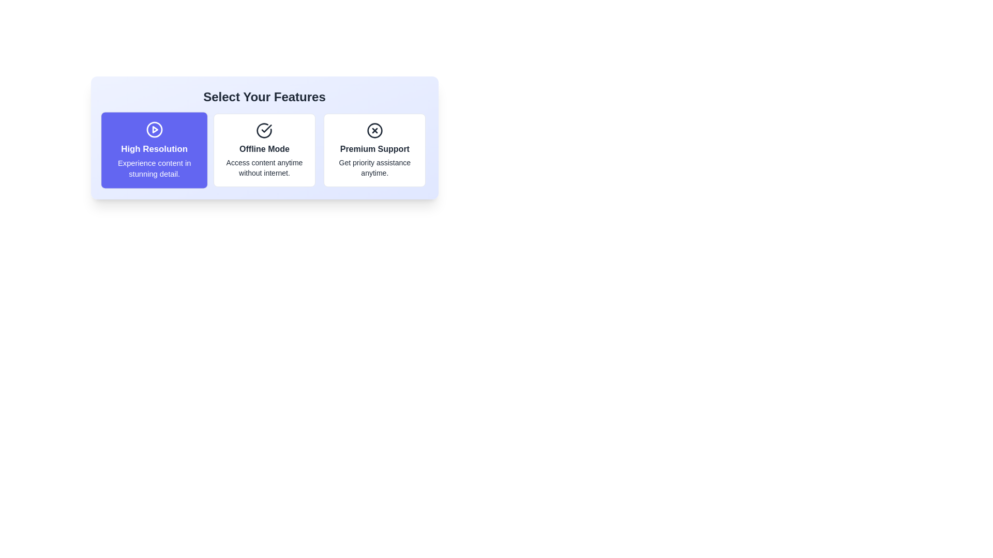 This screenshot has width=993, height=558. Describe the element at coordinates (264, 150) in the screenshot. I see `the 'Offline Mode' interactive card, which is the middle card in a group of three feature cards` at that location.